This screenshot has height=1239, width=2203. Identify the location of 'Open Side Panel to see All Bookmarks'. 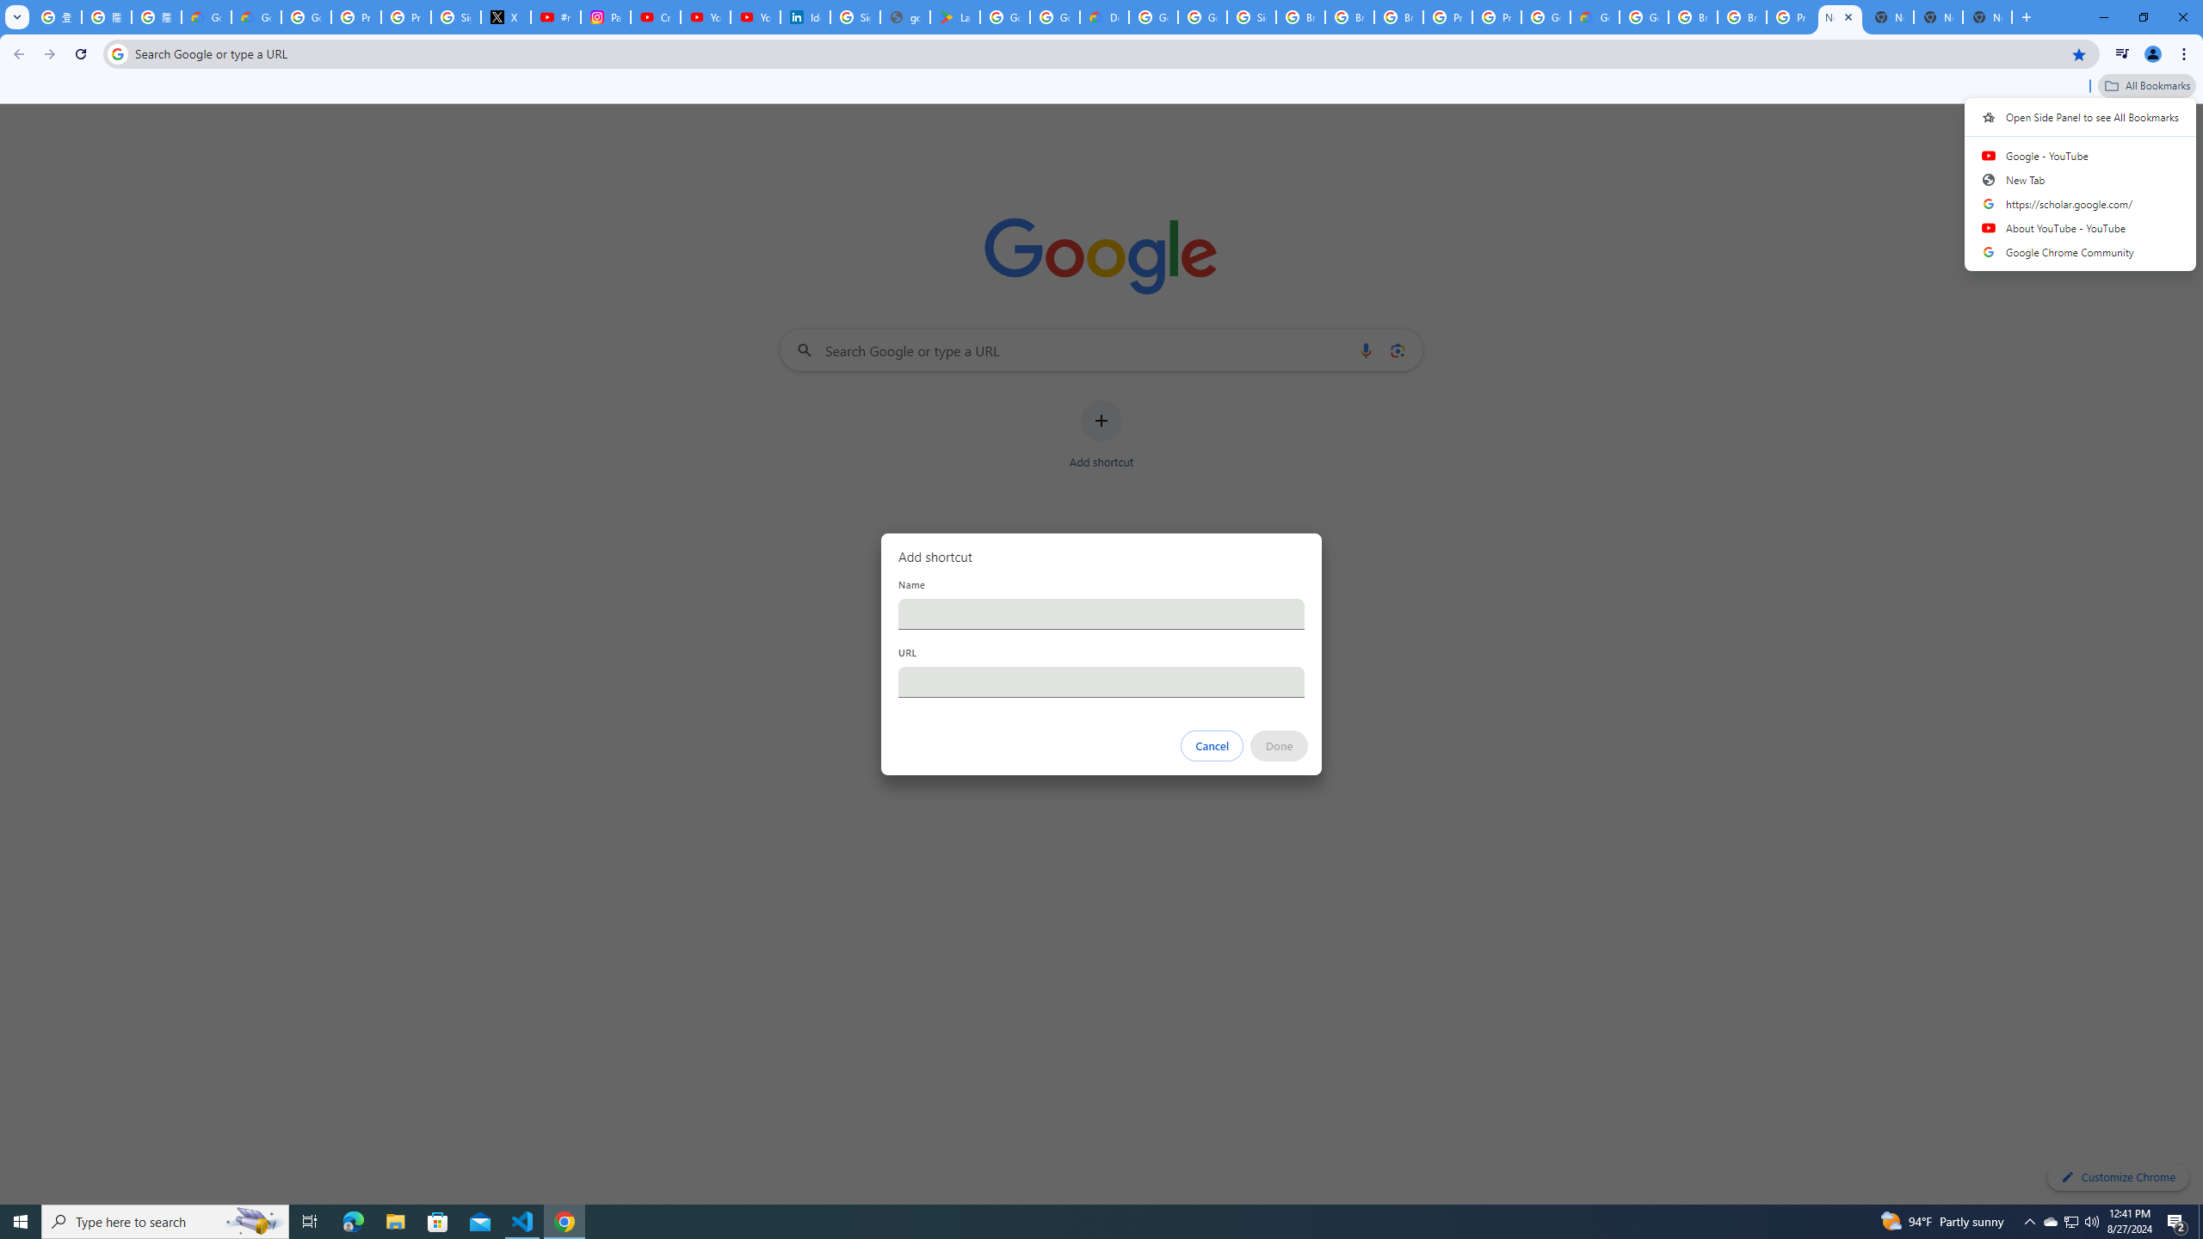
(2080, 116).